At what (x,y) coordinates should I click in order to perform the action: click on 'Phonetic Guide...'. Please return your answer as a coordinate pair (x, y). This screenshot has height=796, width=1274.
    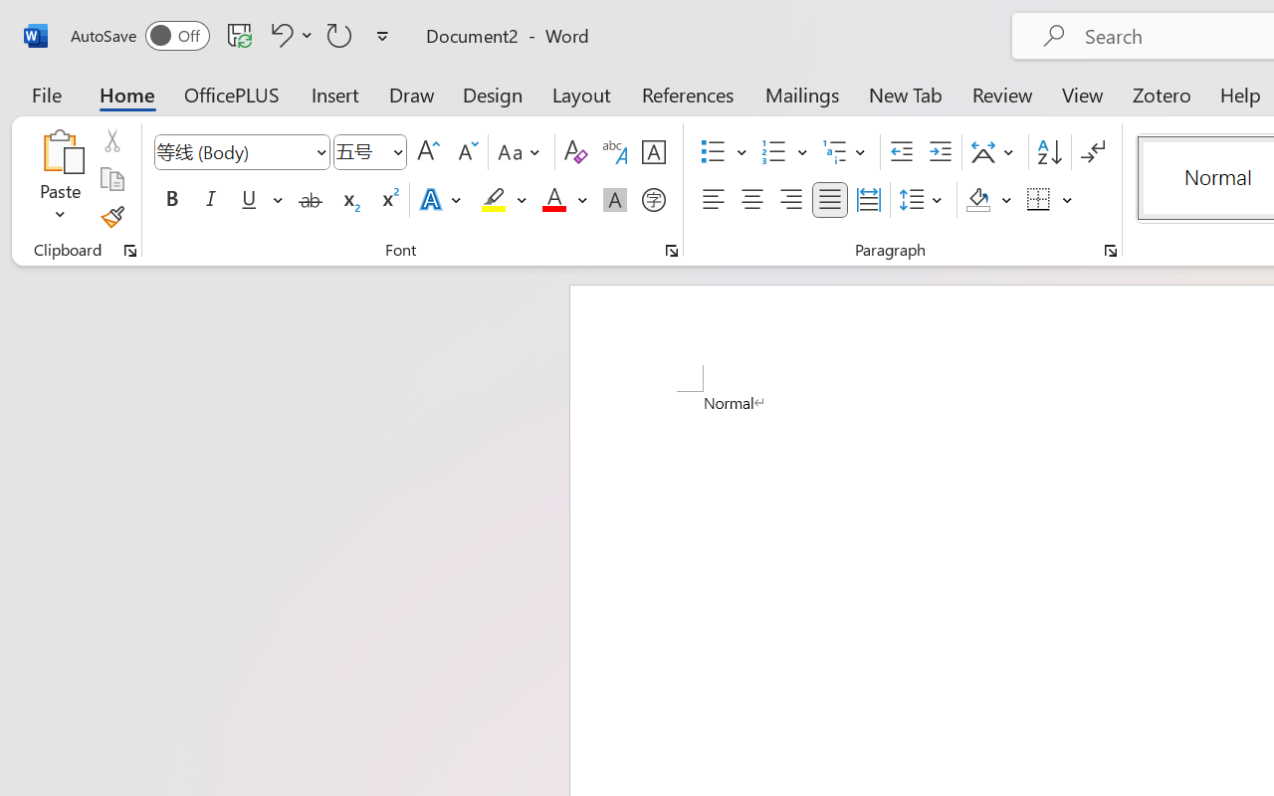
    Looking at the image, I should click on (614, 152).